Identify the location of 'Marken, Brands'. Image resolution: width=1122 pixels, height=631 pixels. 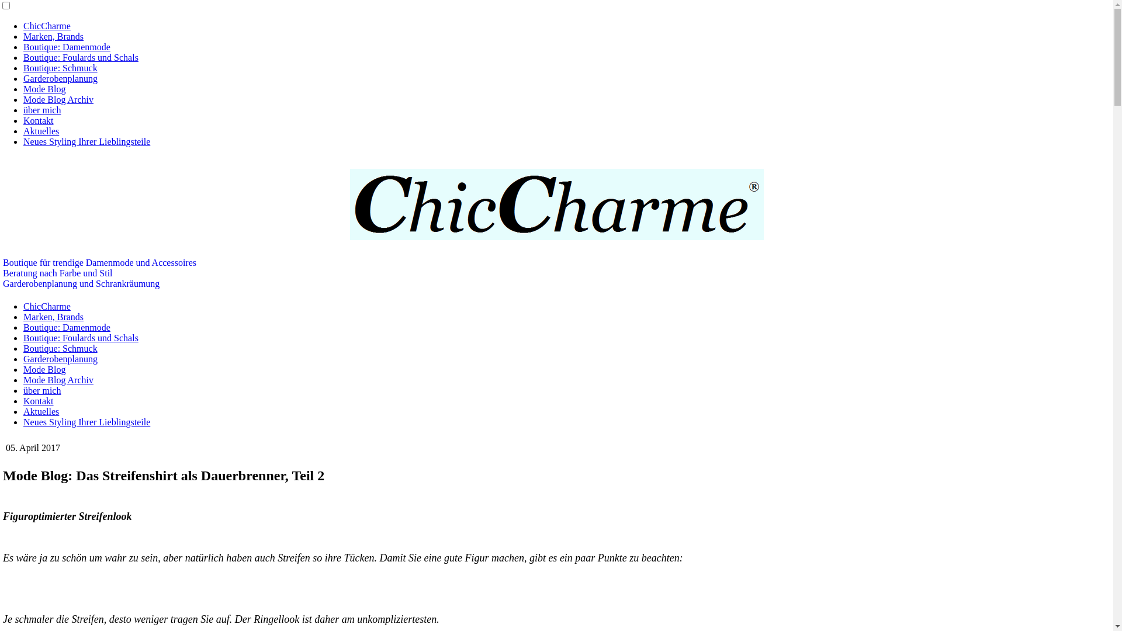
(53, 36).